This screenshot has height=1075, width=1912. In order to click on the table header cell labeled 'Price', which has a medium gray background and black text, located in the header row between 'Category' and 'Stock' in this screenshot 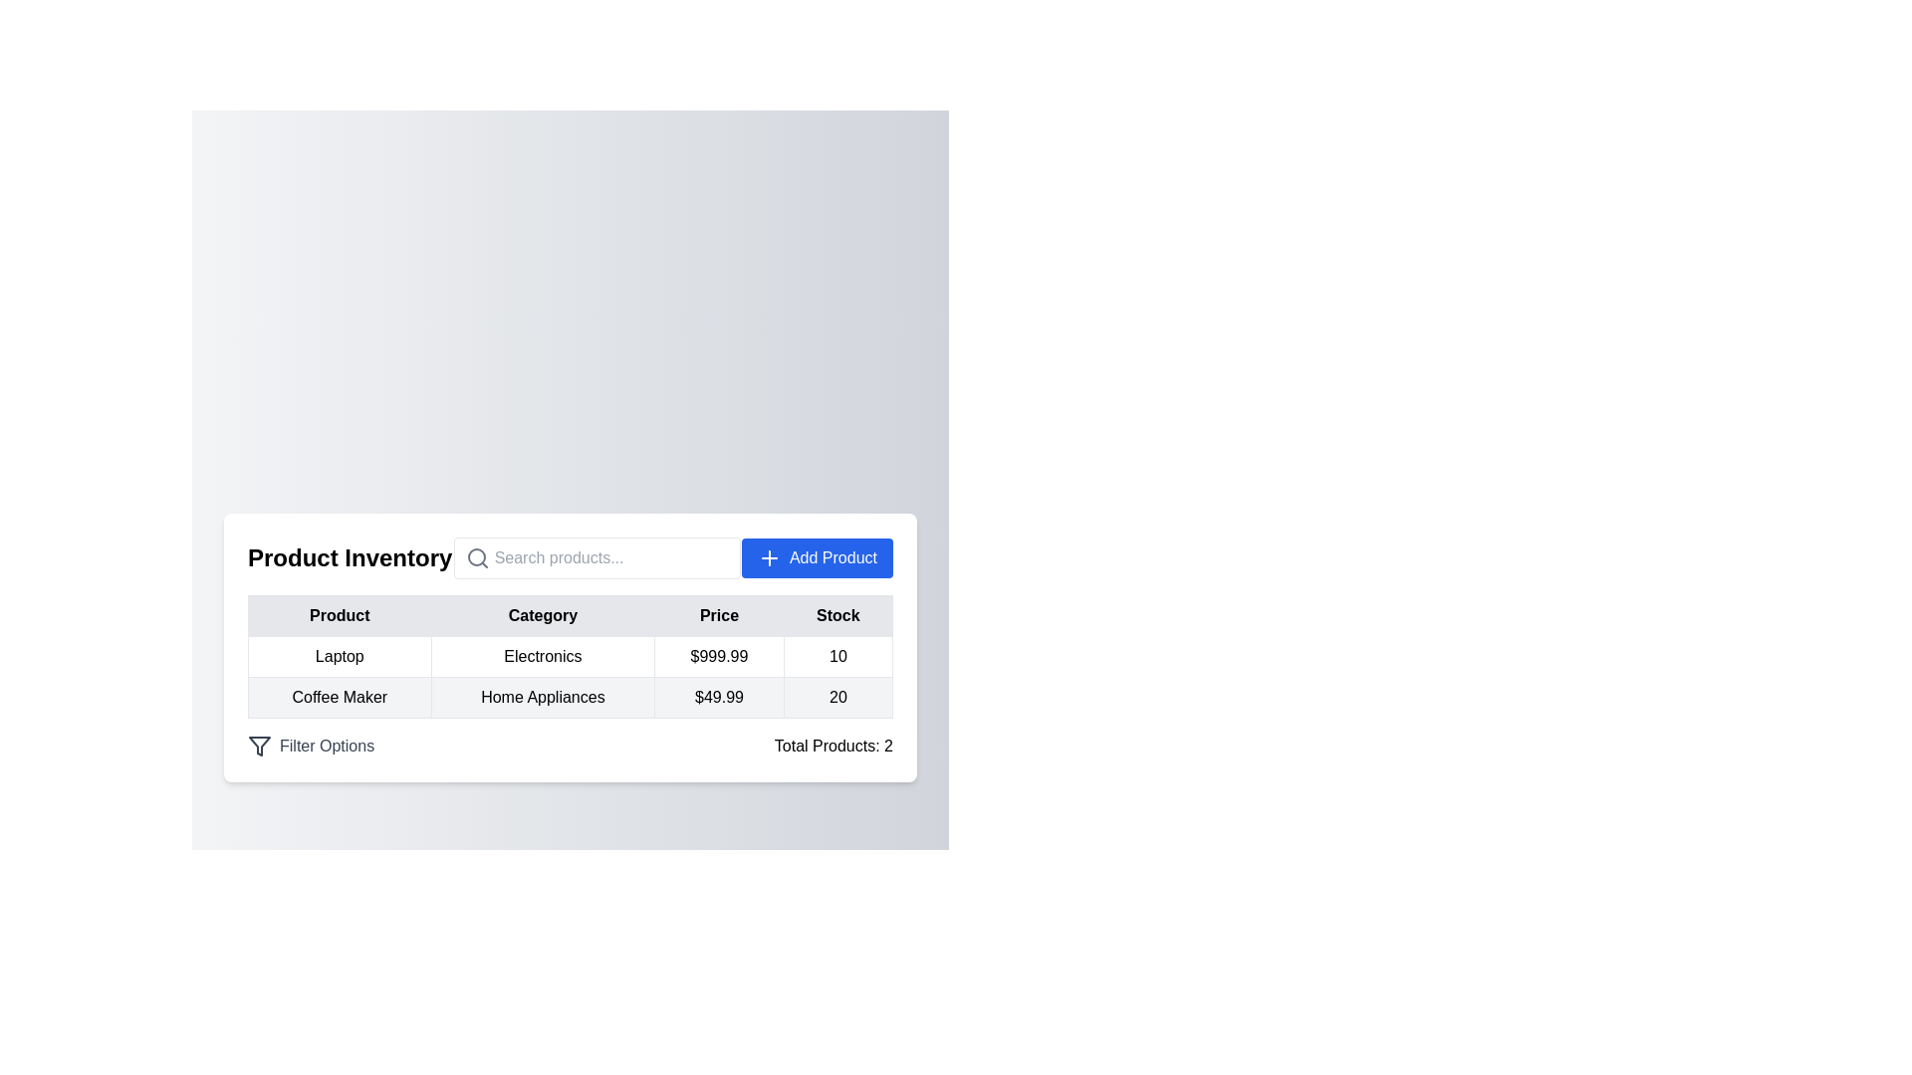, I will do `click(718, 614)`.